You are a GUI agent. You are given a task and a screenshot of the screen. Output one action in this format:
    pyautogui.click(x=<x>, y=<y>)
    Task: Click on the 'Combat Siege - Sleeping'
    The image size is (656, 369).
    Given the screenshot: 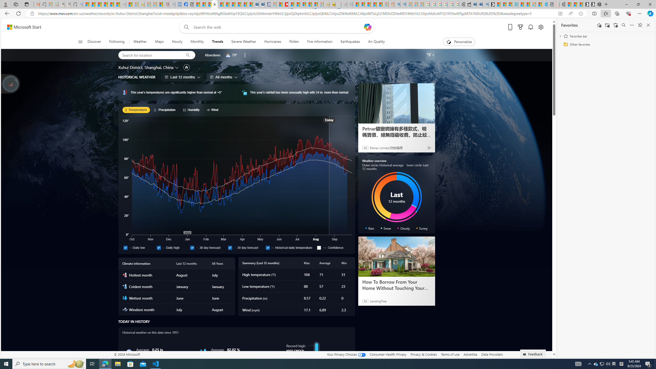 What is the action you would take?
    pyautogui.click(x=122, y=4)
    